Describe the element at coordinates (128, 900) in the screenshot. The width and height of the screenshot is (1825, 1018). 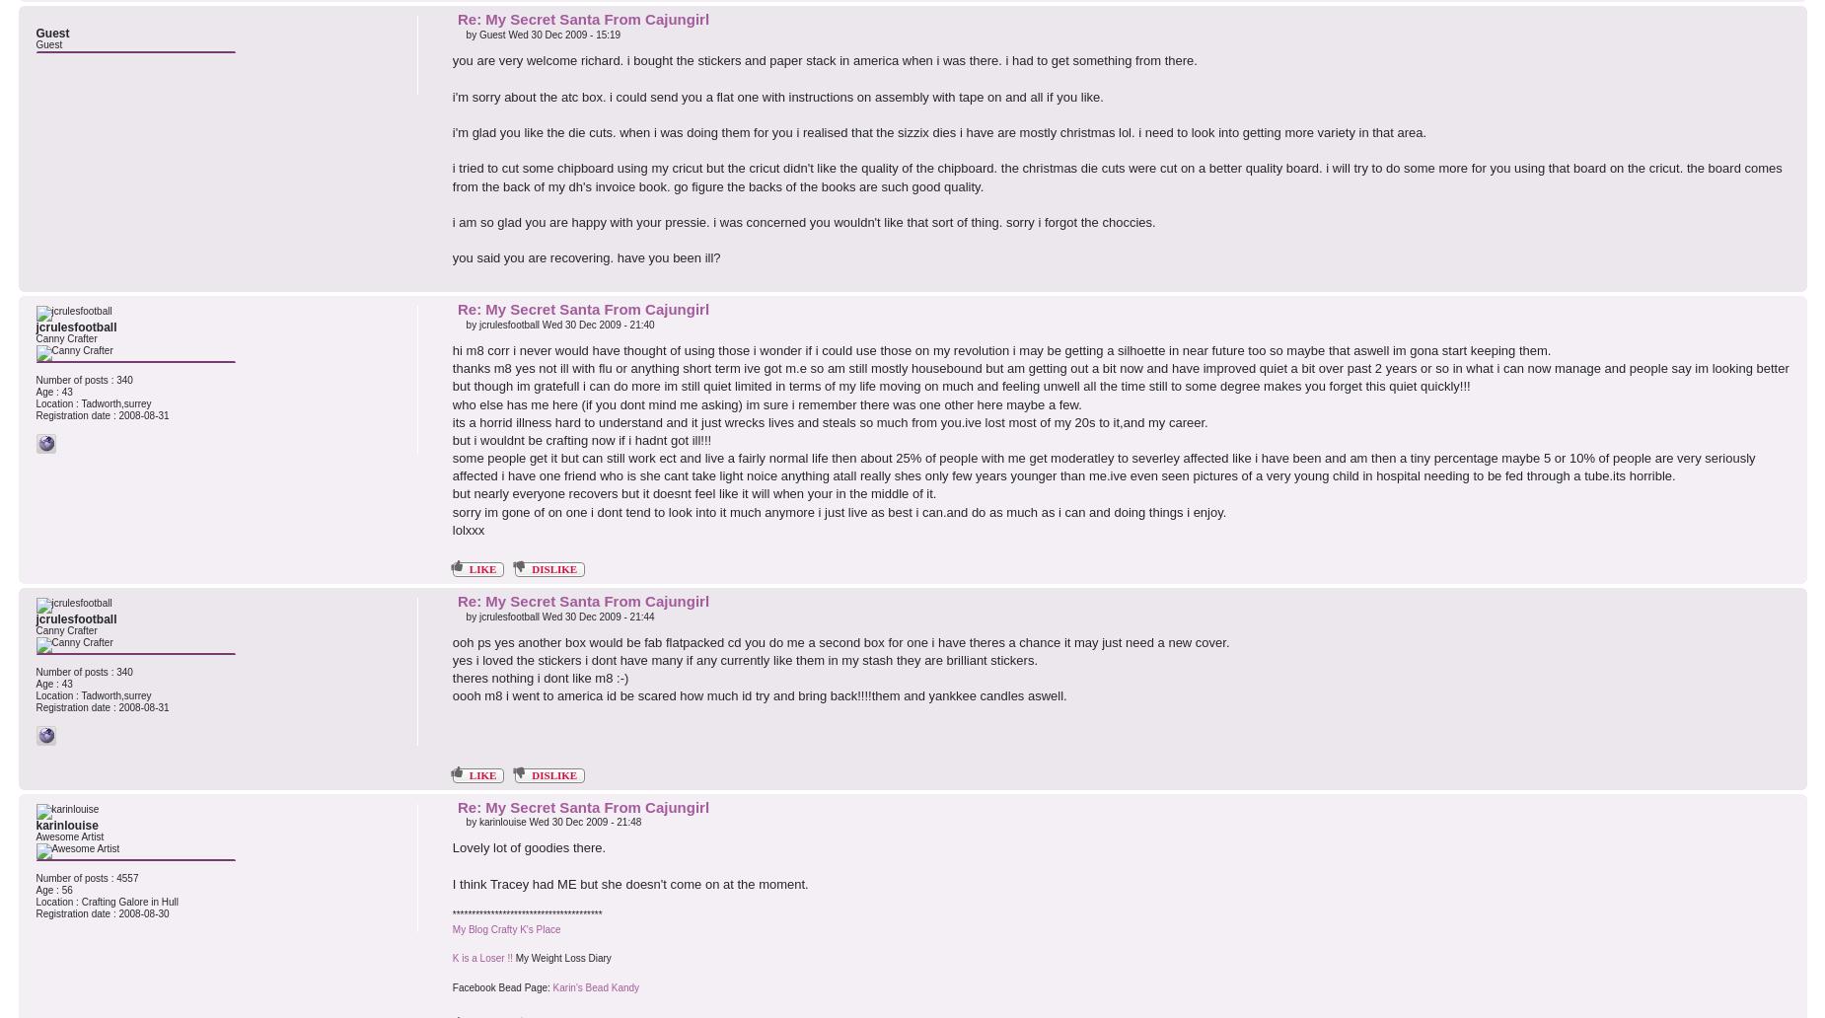
I see `'Crafting Galore in Hull'` at that location.